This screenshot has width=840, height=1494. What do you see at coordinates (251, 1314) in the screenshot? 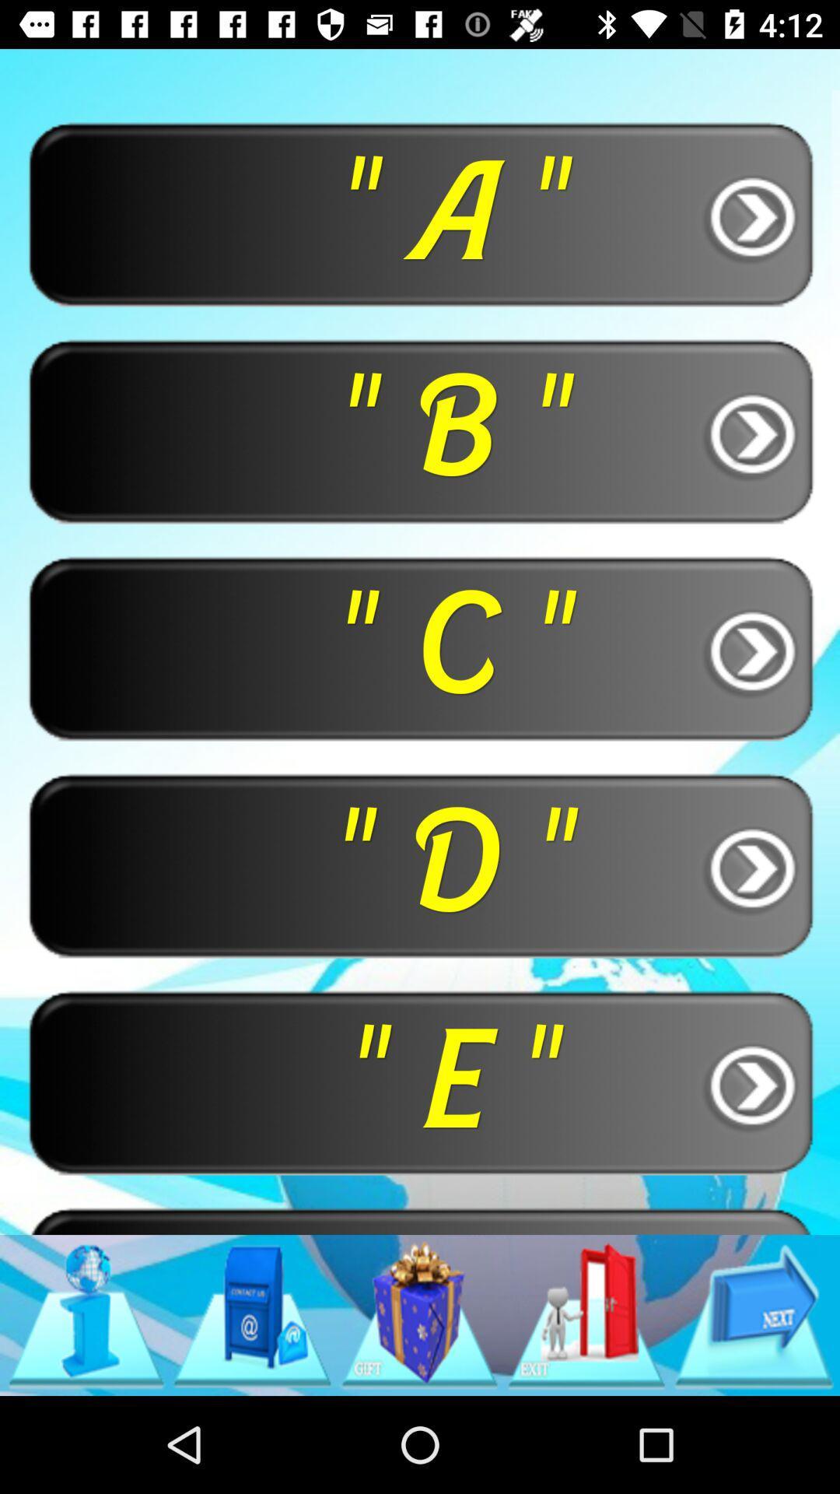
I see `email` at bounding box center [251, 1314].